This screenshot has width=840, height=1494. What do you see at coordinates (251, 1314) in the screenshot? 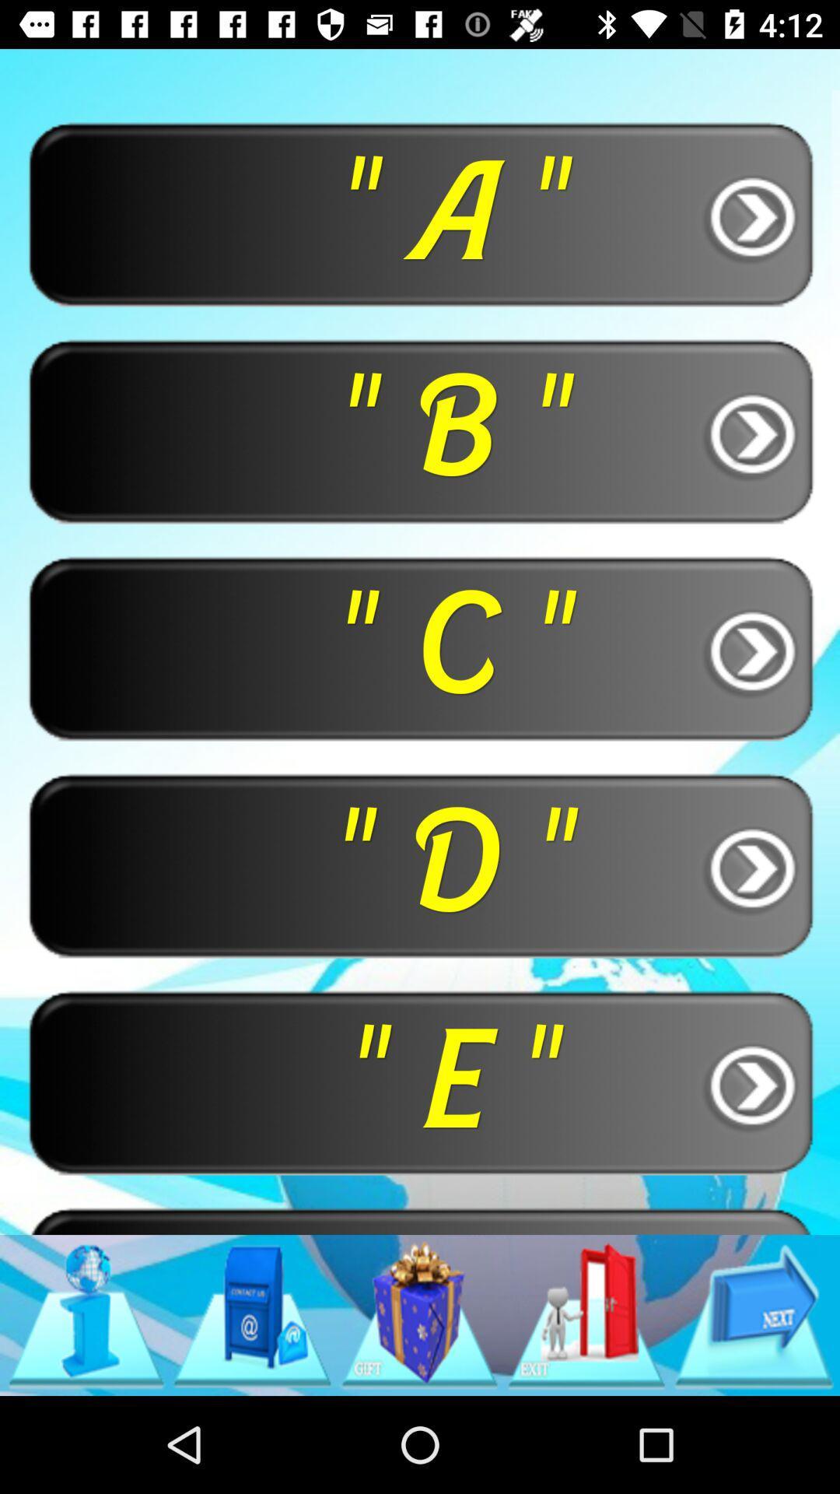
I see `email` at bounding box center [251, 1314].